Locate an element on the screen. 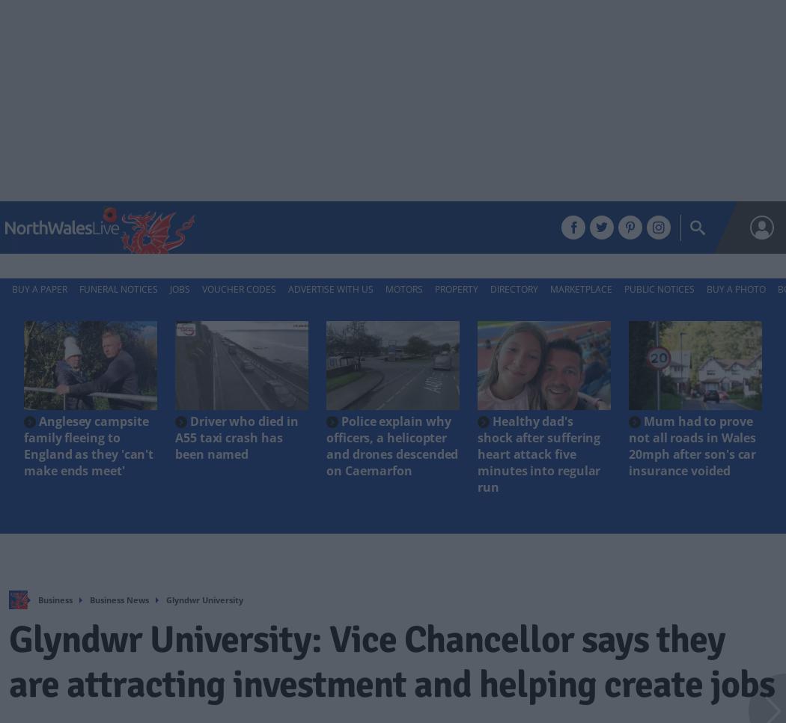 This screenshot has width=786, height=723. 'Buy a Paper' is located at coordinates (39, 289).